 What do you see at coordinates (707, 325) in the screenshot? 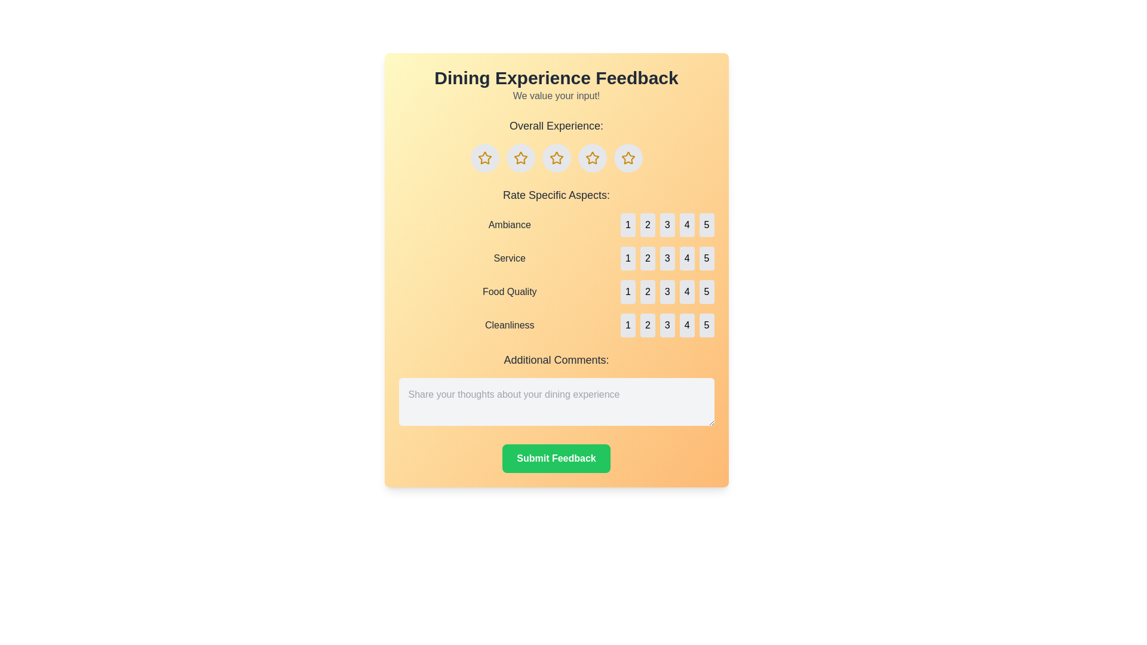
I see `the fifth rounded rectangular button labeled '5' with a gray background that turns yellow on hover, located under the 'Cleanliness' category` at bounding box center [707, 325].